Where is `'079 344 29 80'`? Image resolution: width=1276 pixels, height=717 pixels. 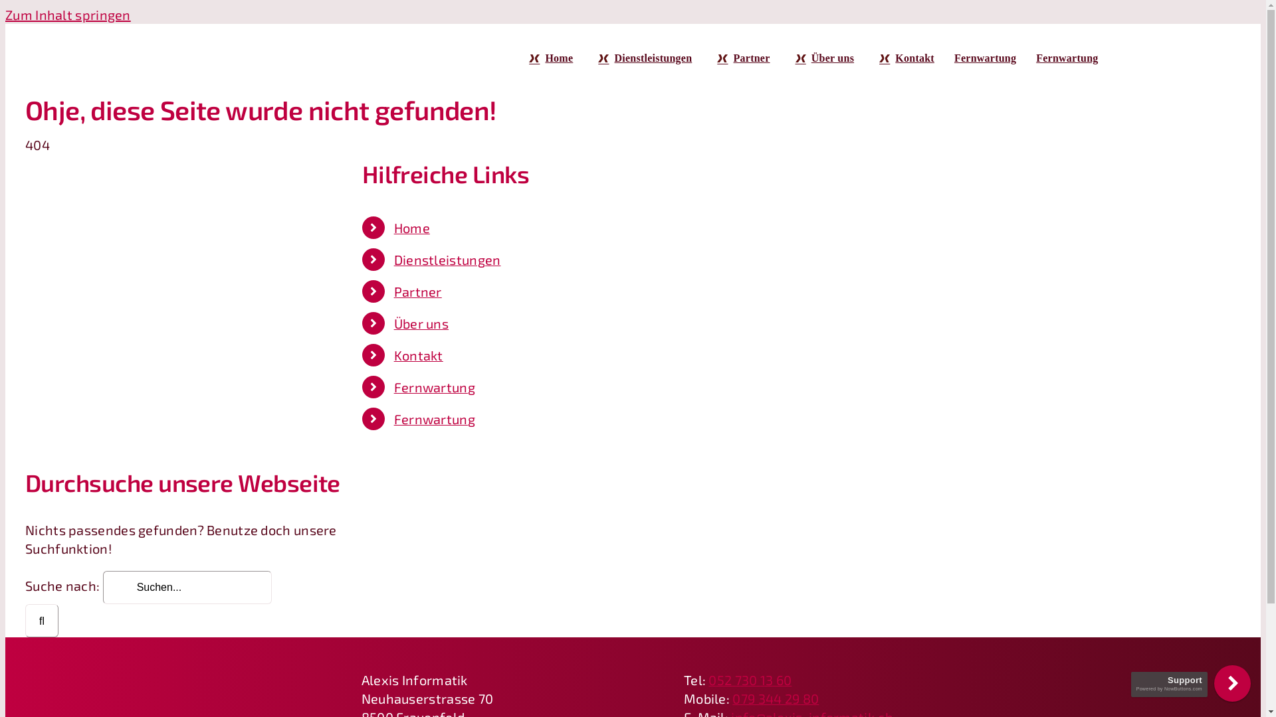
'079 344 29 80' is located at coordinates (775, 698).